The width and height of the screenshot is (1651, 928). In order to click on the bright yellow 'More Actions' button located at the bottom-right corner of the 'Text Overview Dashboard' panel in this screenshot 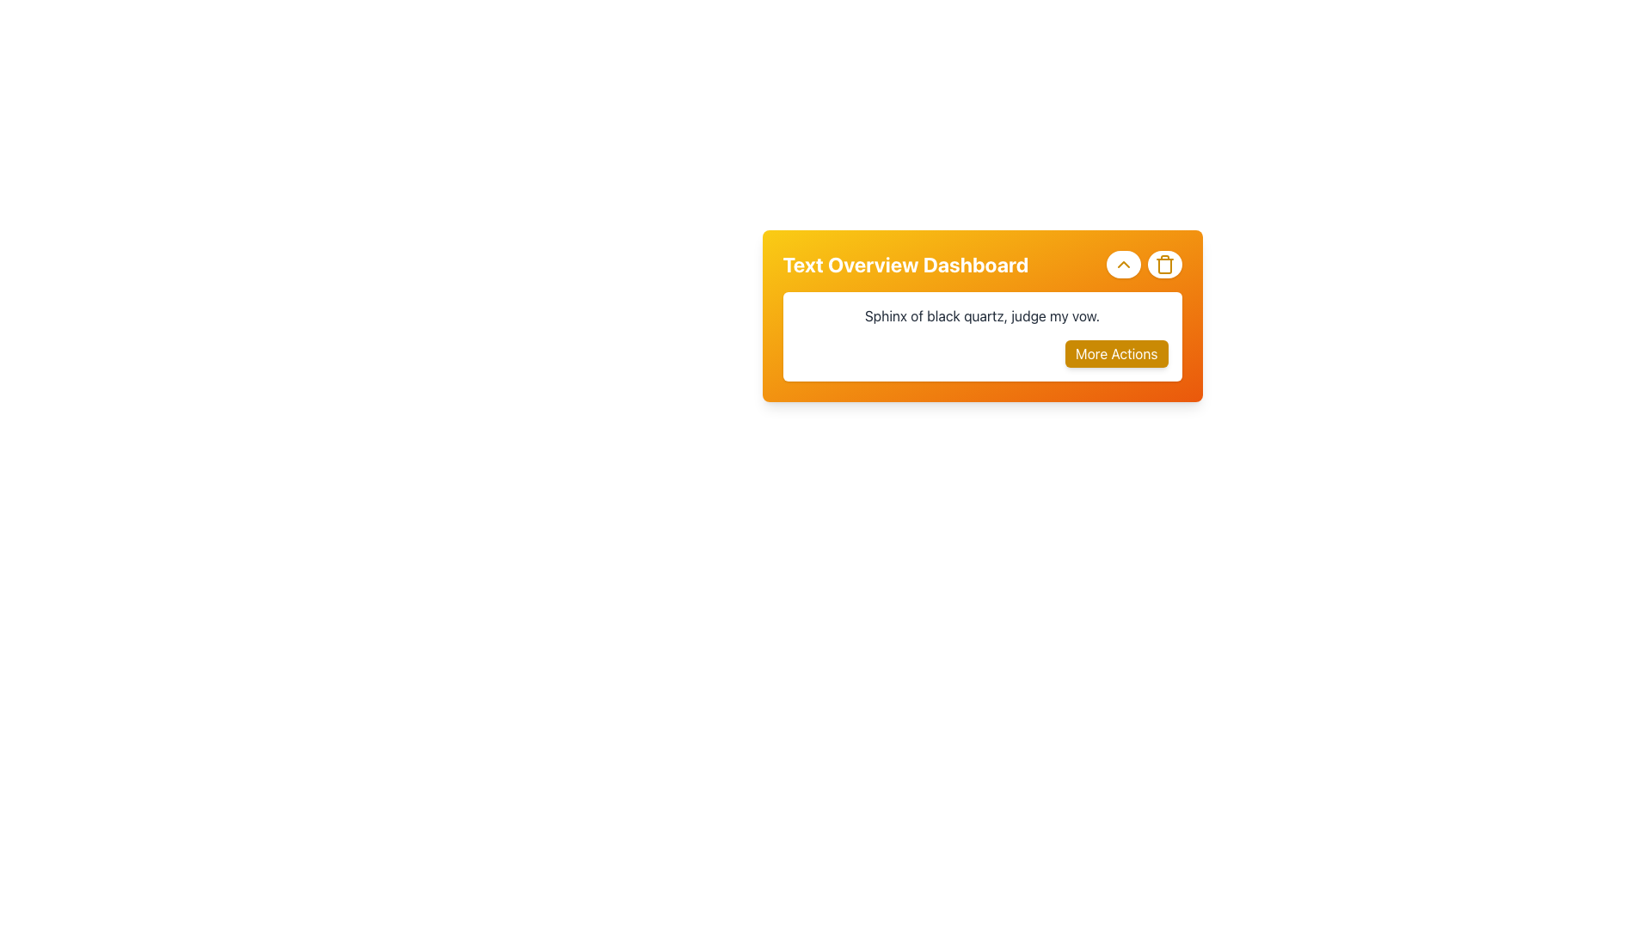, I will do `click(1115, 353)`.